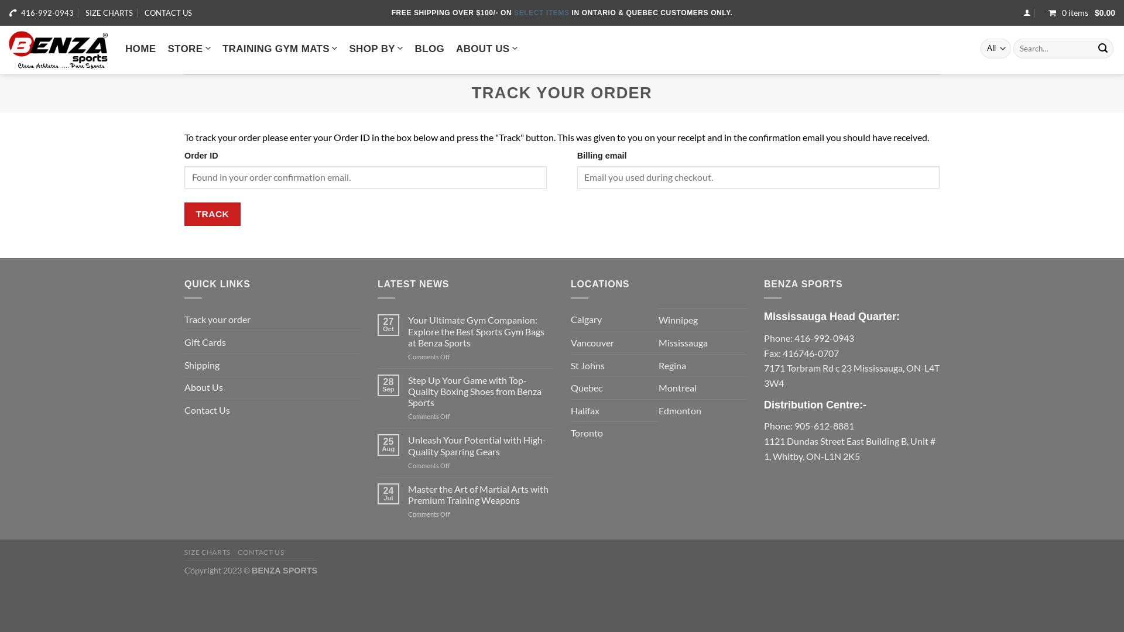 The width and height of the screenshot is (1124, 632). What do you see at coordinates (376, 47) in the screenshot?
I see `'SHOP BY'` at bounding box center [376, 47].